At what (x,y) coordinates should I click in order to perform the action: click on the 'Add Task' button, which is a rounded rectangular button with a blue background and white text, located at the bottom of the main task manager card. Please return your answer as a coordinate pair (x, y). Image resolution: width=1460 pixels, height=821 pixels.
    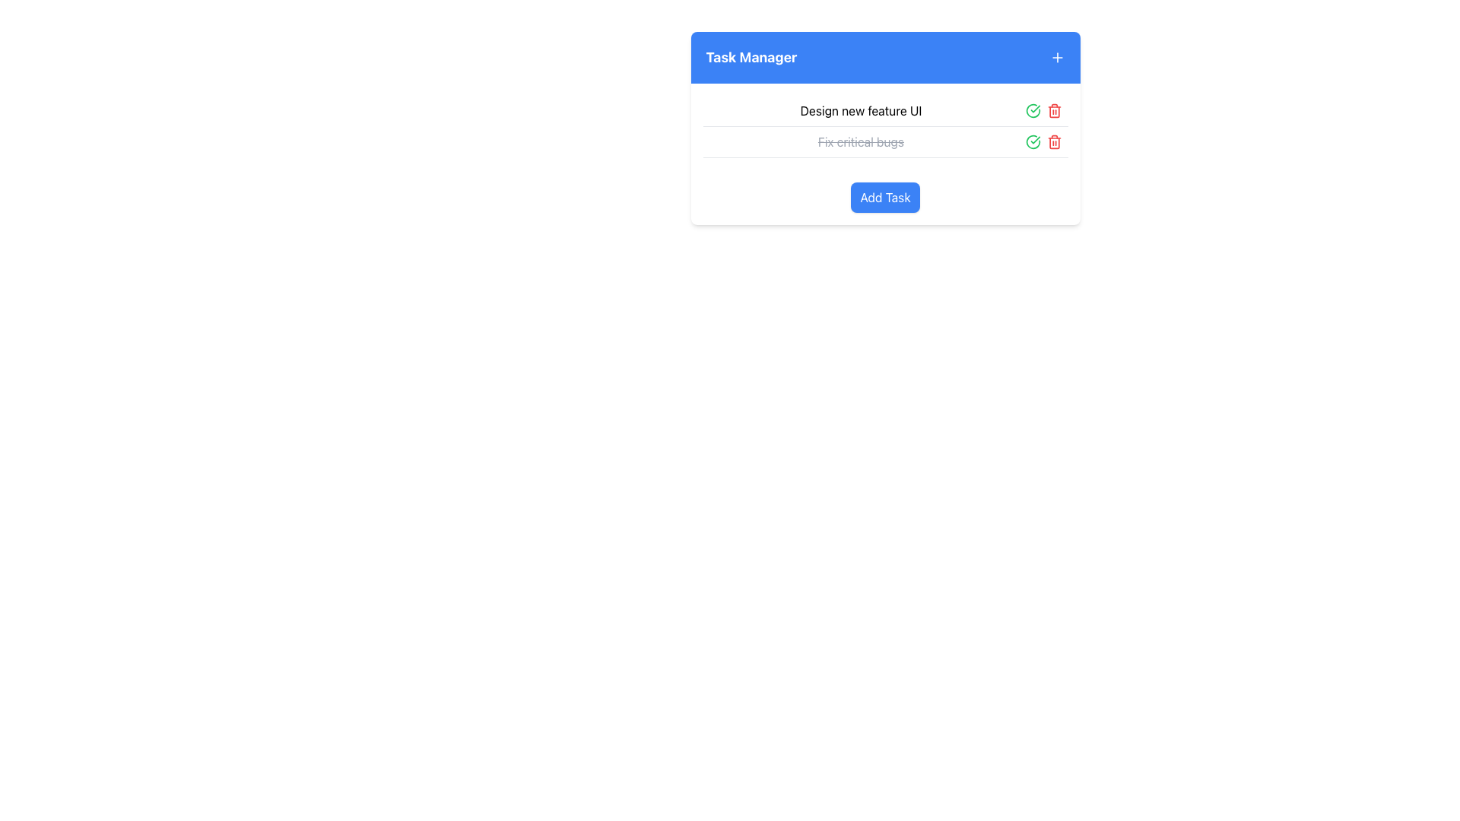
    Looking at the image, I should click on (885, 196).